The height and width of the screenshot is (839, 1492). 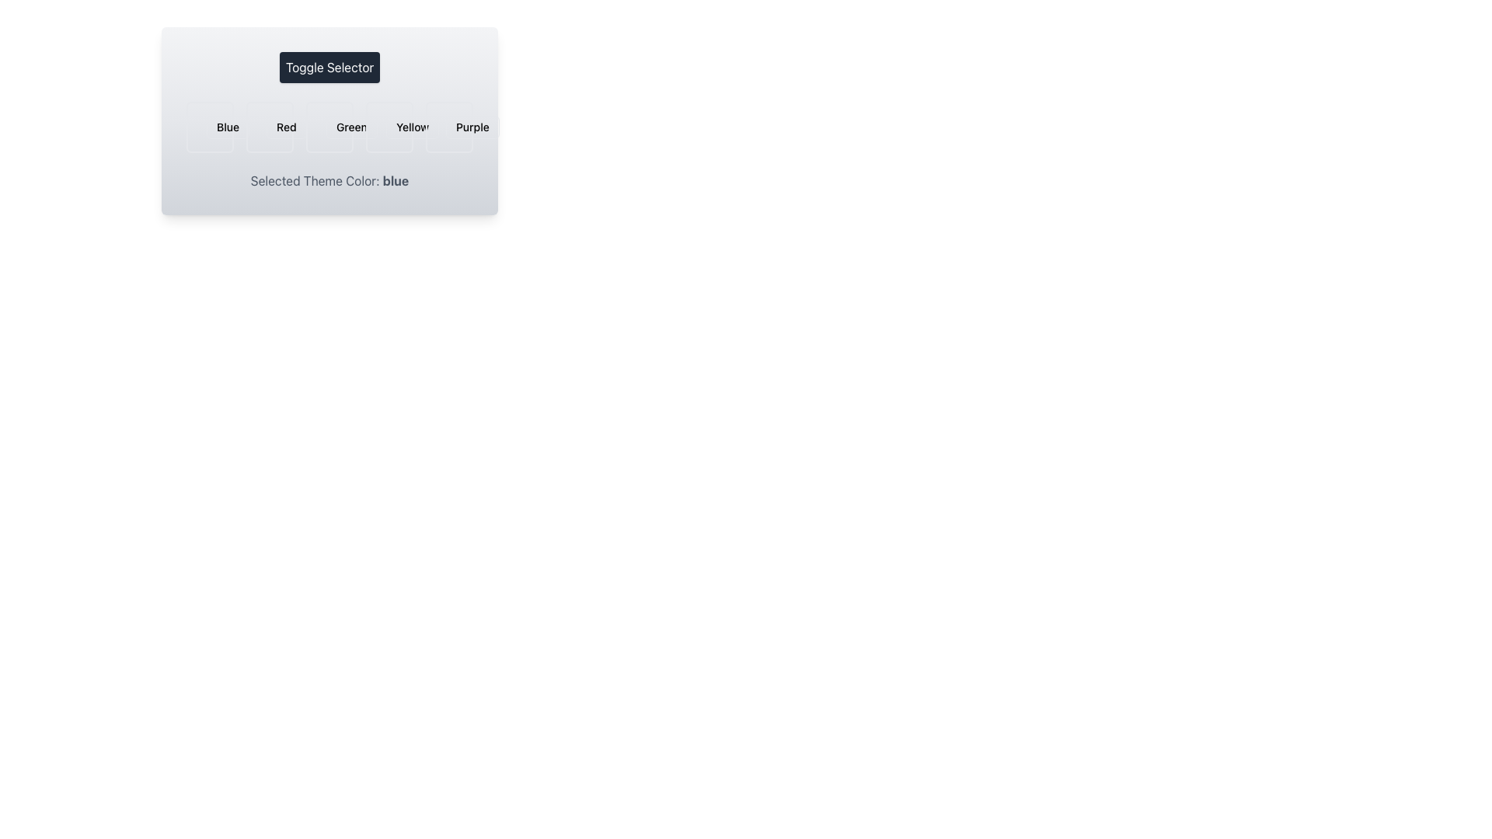 I want to click on the second selectable card in the theme picker, so click(x=270, y=127).